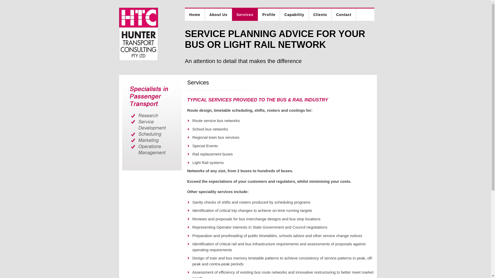 This screenshot has width=495, height=278. What do you see at coordinates (218, 14) in the screenshot?
I see `'About Us'` at bounding box center [218, 14].